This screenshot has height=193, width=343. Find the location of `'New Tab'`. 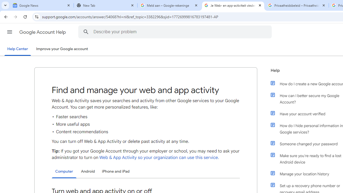

'New Tab' is located at coordinates (106, 5).